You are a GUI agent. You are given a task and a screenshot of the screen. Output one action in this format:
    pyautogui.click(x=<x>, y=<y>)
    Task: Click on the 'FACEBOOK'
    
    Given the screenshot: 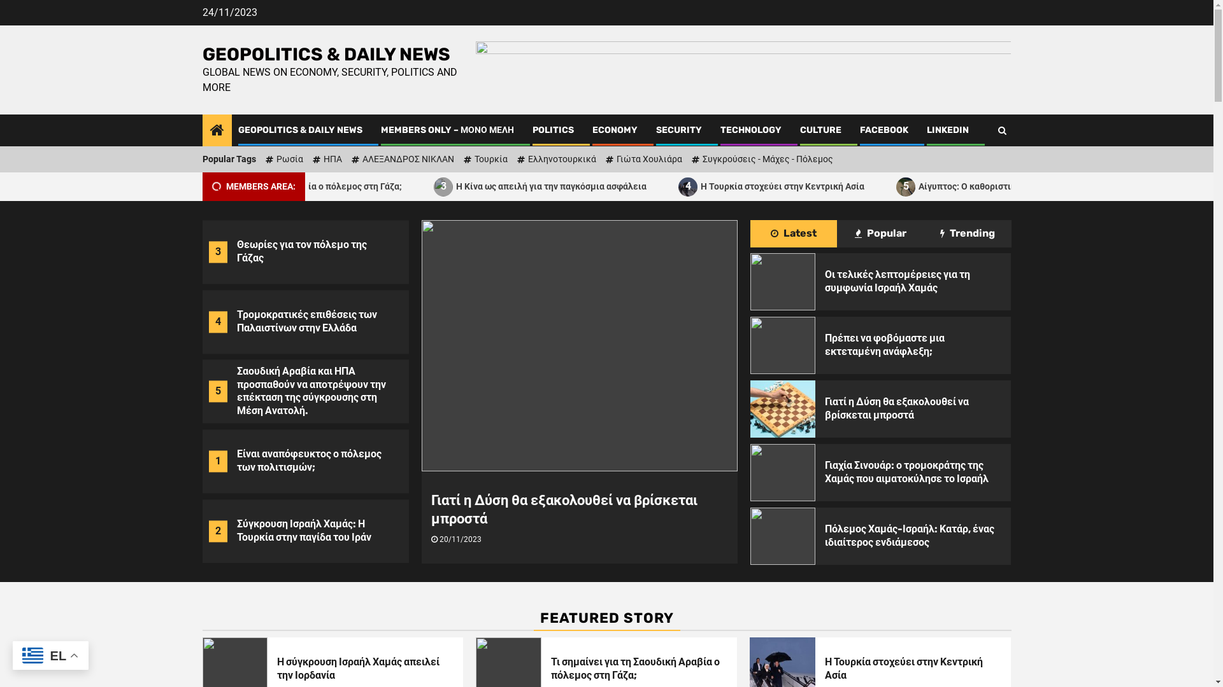 What is the action you would take?
    pyautogui.click(x=883, y=130)
    